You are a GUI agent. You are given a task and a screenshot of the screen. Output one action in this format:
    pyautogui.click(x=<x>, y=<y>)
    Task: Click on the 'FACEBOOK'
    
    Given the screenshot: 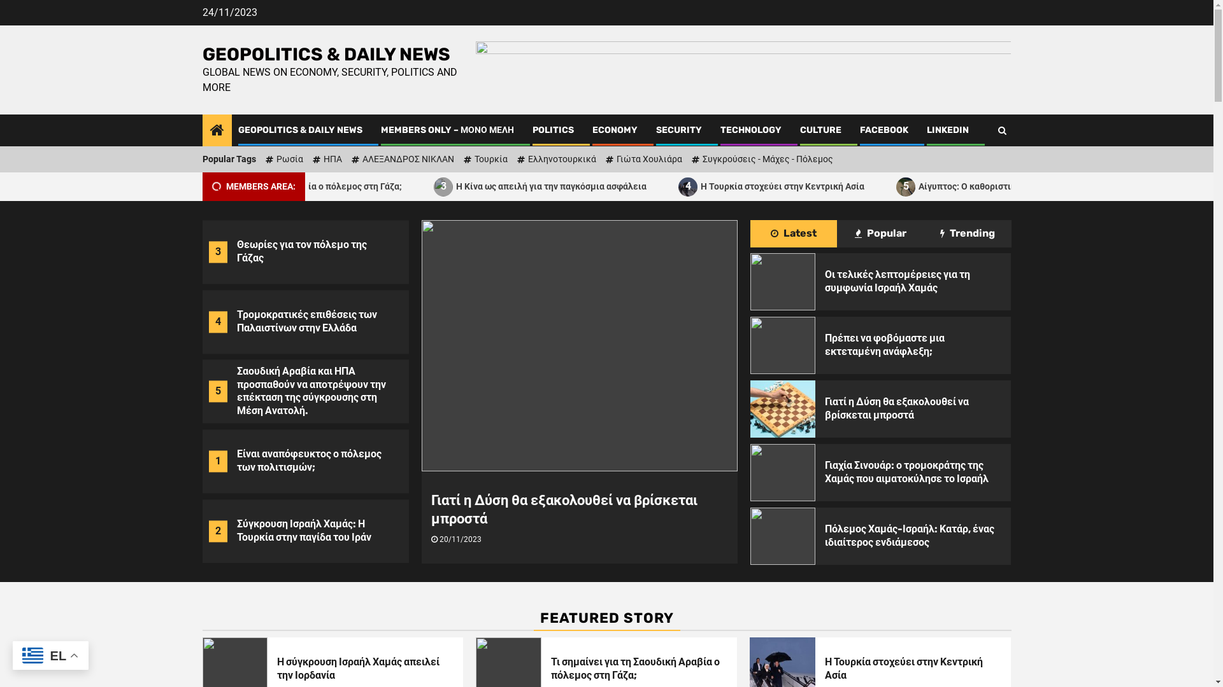 What is the action you would take?
    pyautogui.click(x=883, y=130)
    